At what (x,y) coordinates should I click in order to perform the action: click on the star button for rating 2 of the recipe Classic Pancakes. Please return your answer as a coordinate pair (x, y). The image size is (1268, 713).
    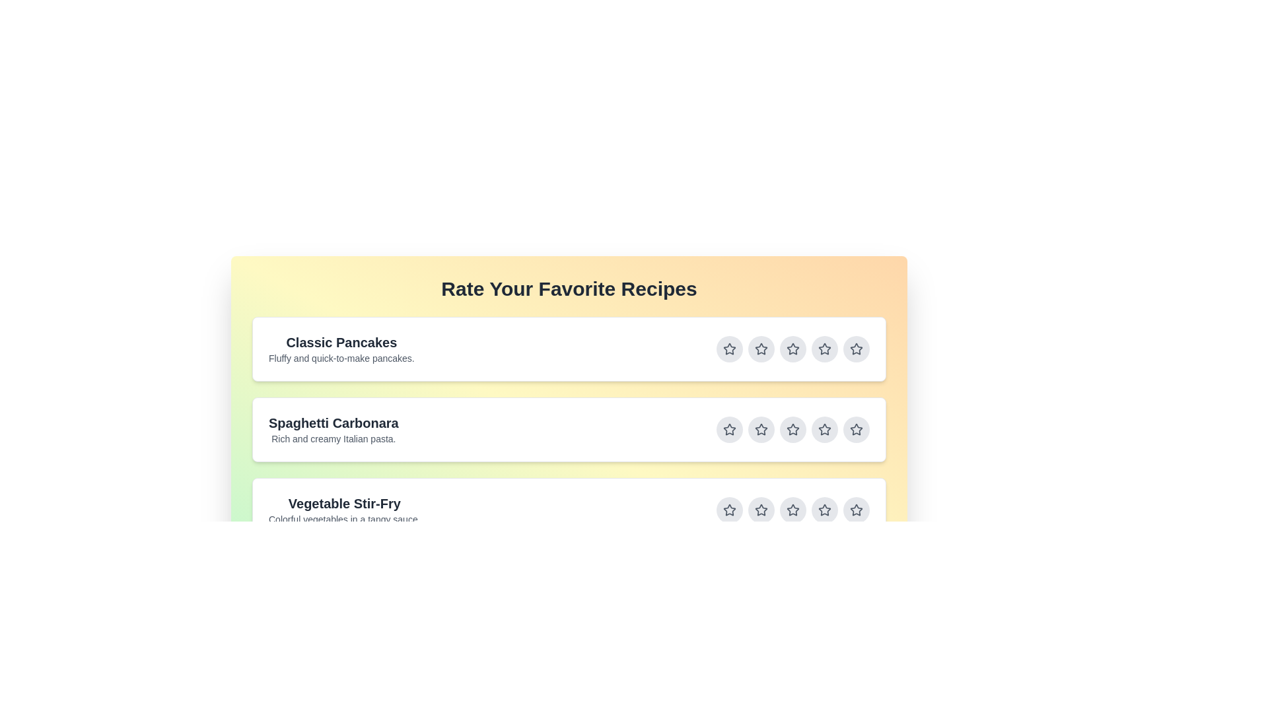
    Looking at the image, I should click on (761, 348).